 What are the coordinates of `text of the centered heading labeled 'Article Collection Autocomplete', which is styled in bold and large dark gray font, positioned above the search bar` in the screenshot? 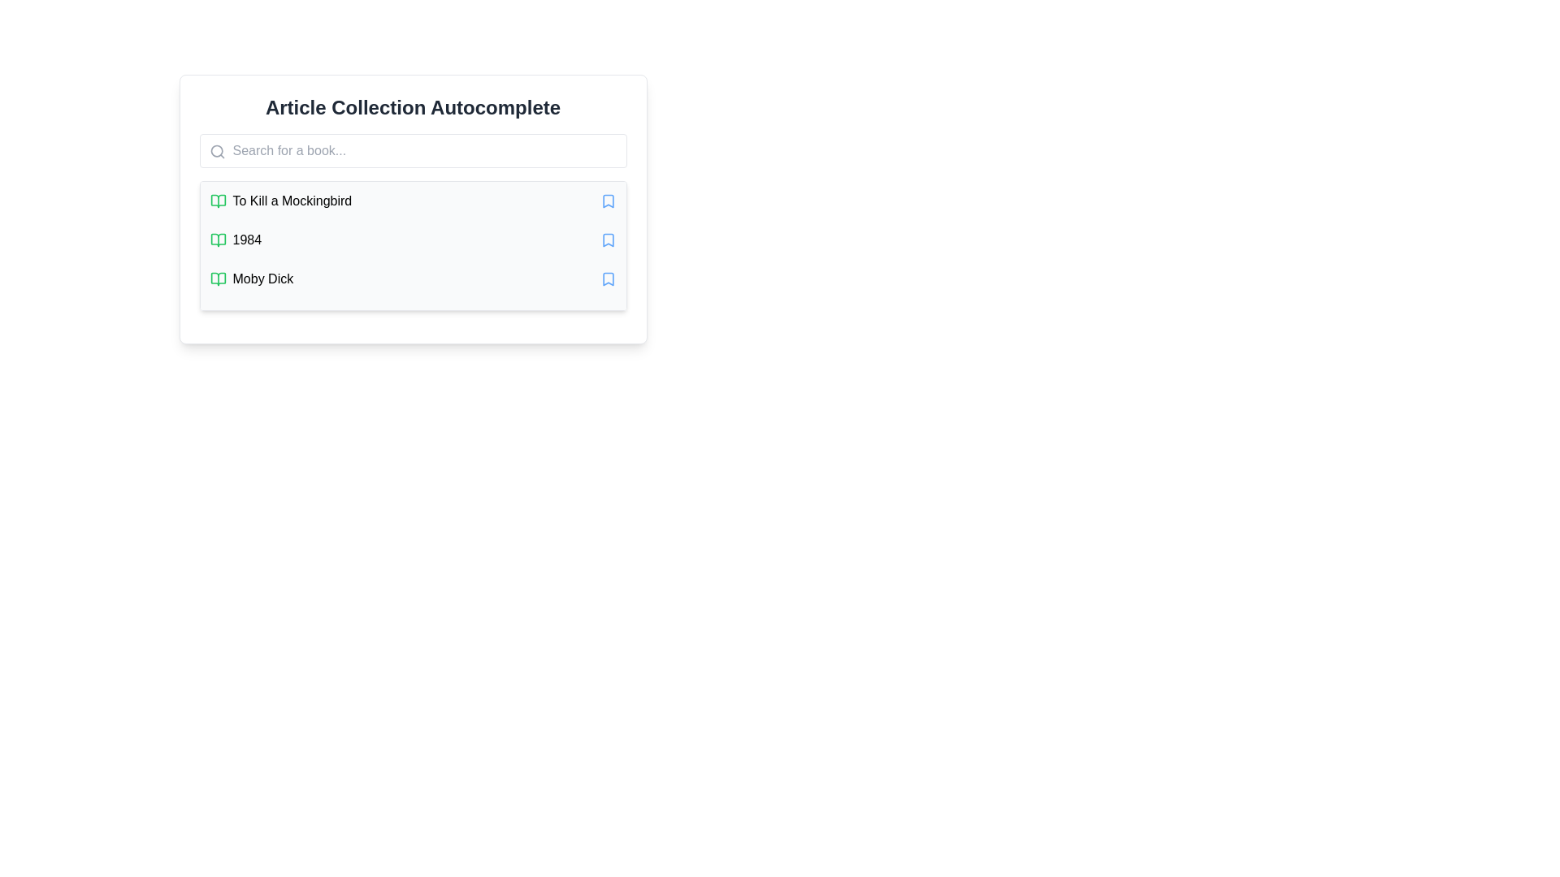 It's located at (413, 107).